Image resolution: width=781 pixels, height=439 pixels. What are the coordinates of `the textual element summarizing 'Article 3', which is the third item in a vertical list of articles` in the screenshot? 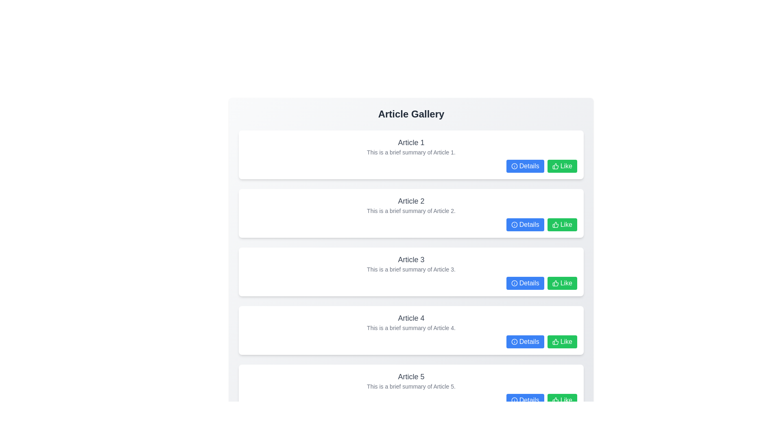 It's located at (411, 263).